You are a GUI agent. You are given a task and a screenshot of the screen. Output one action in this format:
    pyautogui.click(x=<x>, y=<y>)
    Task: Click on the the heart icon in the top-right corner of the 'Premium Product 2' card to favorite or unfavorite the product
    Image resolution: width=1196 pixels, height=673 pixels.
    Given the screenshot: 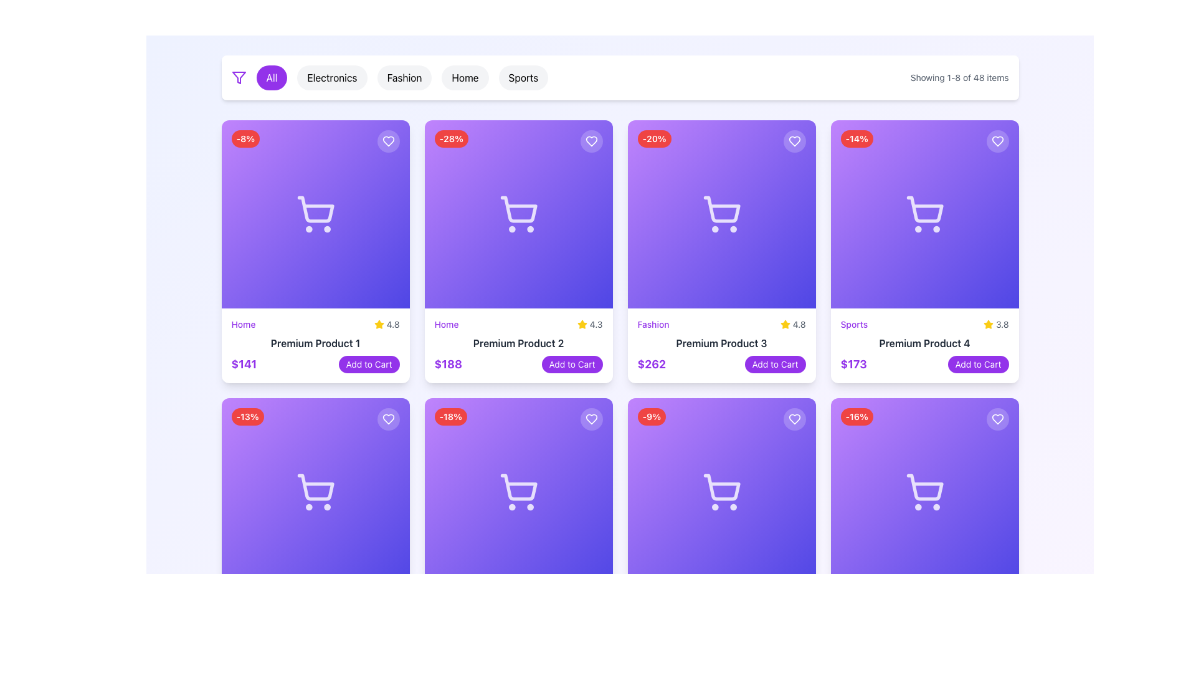 What is the action you would take?
    pyautogui.click(x=591, y=419)
    